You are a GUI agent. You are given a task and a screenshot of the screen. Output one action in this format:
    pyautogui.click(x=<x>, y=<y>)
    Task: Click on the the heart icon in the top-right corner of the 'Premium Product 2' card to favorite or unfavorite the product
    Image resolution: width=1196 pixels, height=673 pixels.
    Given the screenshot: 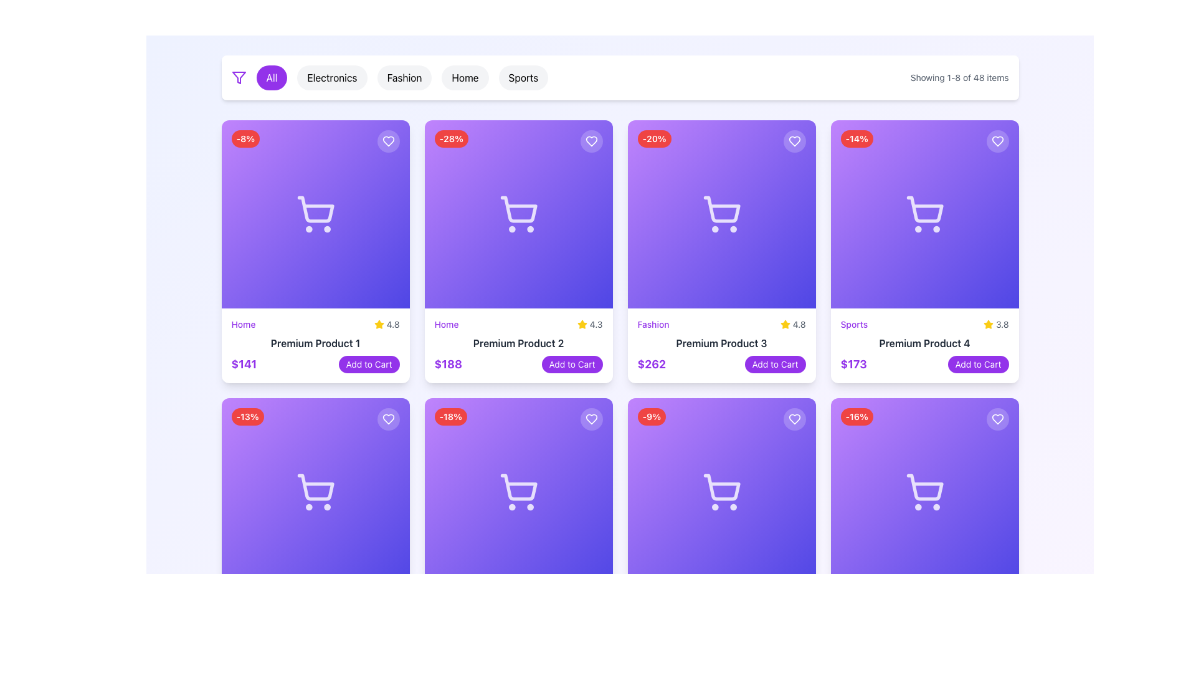 What is the action you would take?
    pyautogui.click(x=591, y=419)
    